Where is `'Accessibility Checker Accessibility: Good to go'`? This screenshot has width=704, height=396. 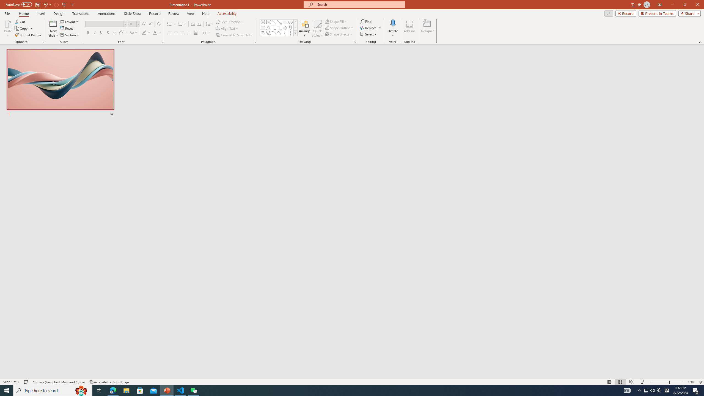
'Accessibility Checker Accessibility: Good to go' is located at coordinates (109, 382).